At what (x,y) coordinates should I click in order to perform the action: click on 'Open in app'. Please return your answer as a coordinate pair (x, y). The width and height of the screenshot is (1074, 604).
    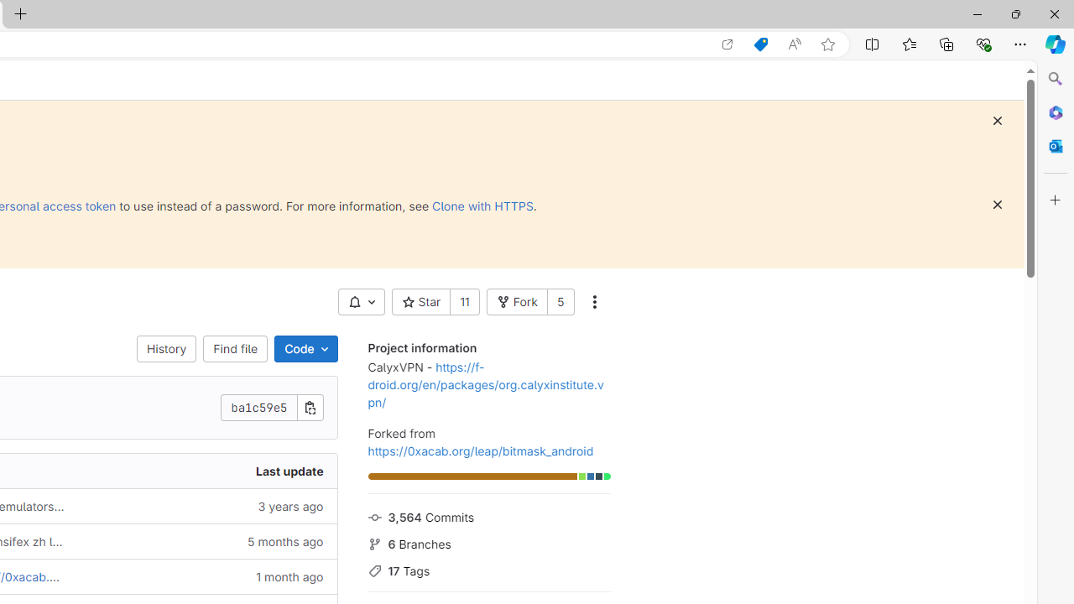
    Looking at the image, I should click on (727, 44).